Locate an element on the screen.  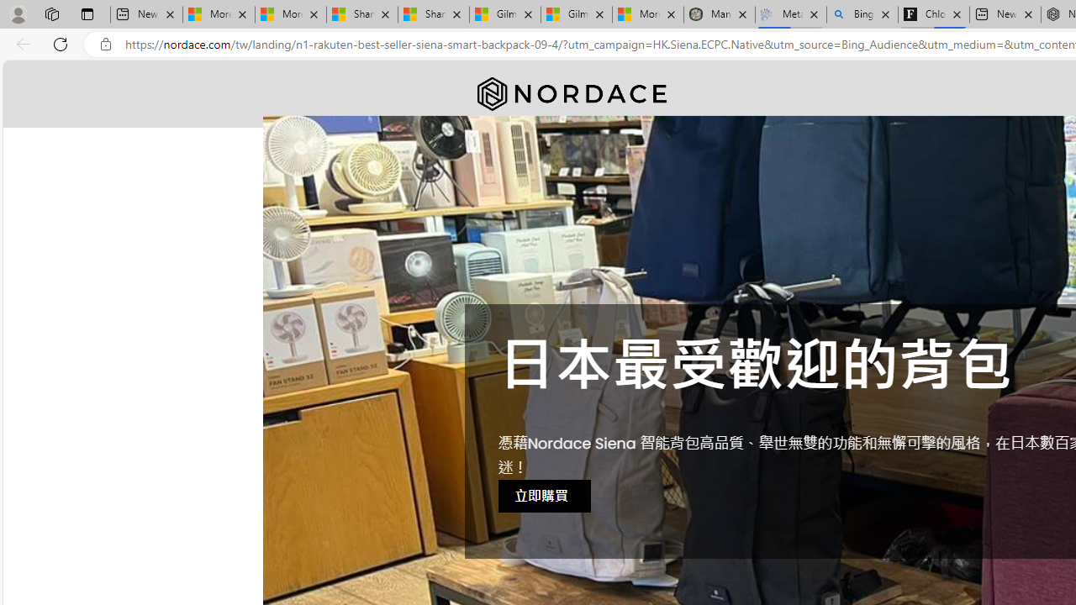
'Bing Real Estate - Home sales and rental listings' is located at coordinates (862, 14).